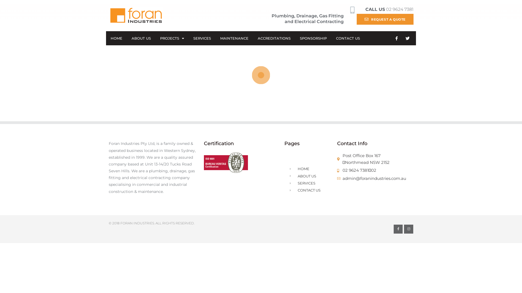  I want to click on '02 9624 738102', so click(375, 170).